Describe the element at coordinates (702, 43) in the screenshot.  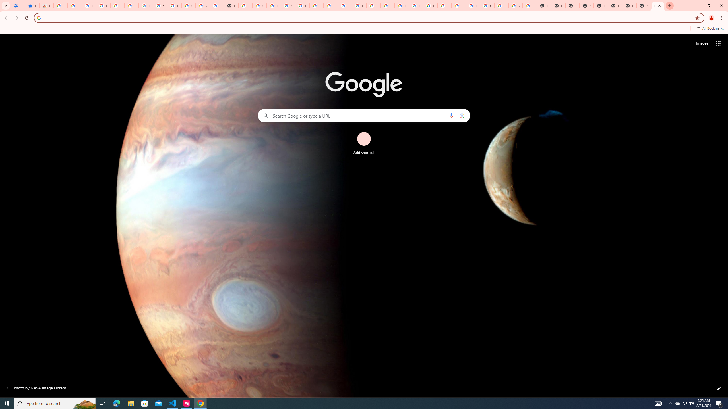
I see `'Search for Images '` at that location.